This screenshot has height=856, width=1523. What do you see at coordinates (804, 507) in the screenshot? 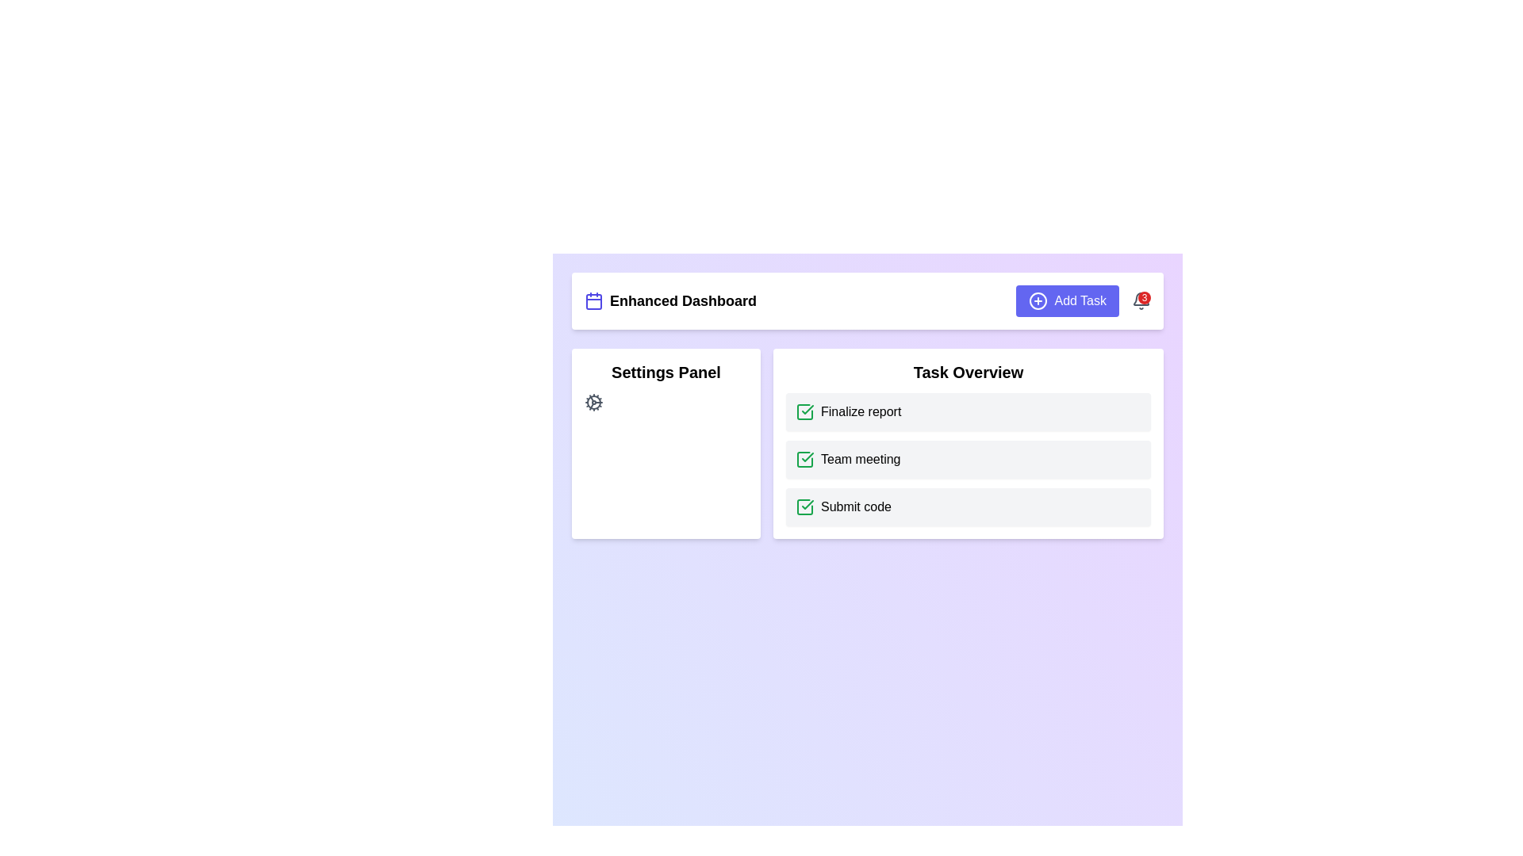
I see `the completed status icon indicating the 'Submit code' task within the 'Task Overview' section` at bounding box center [804, 507].